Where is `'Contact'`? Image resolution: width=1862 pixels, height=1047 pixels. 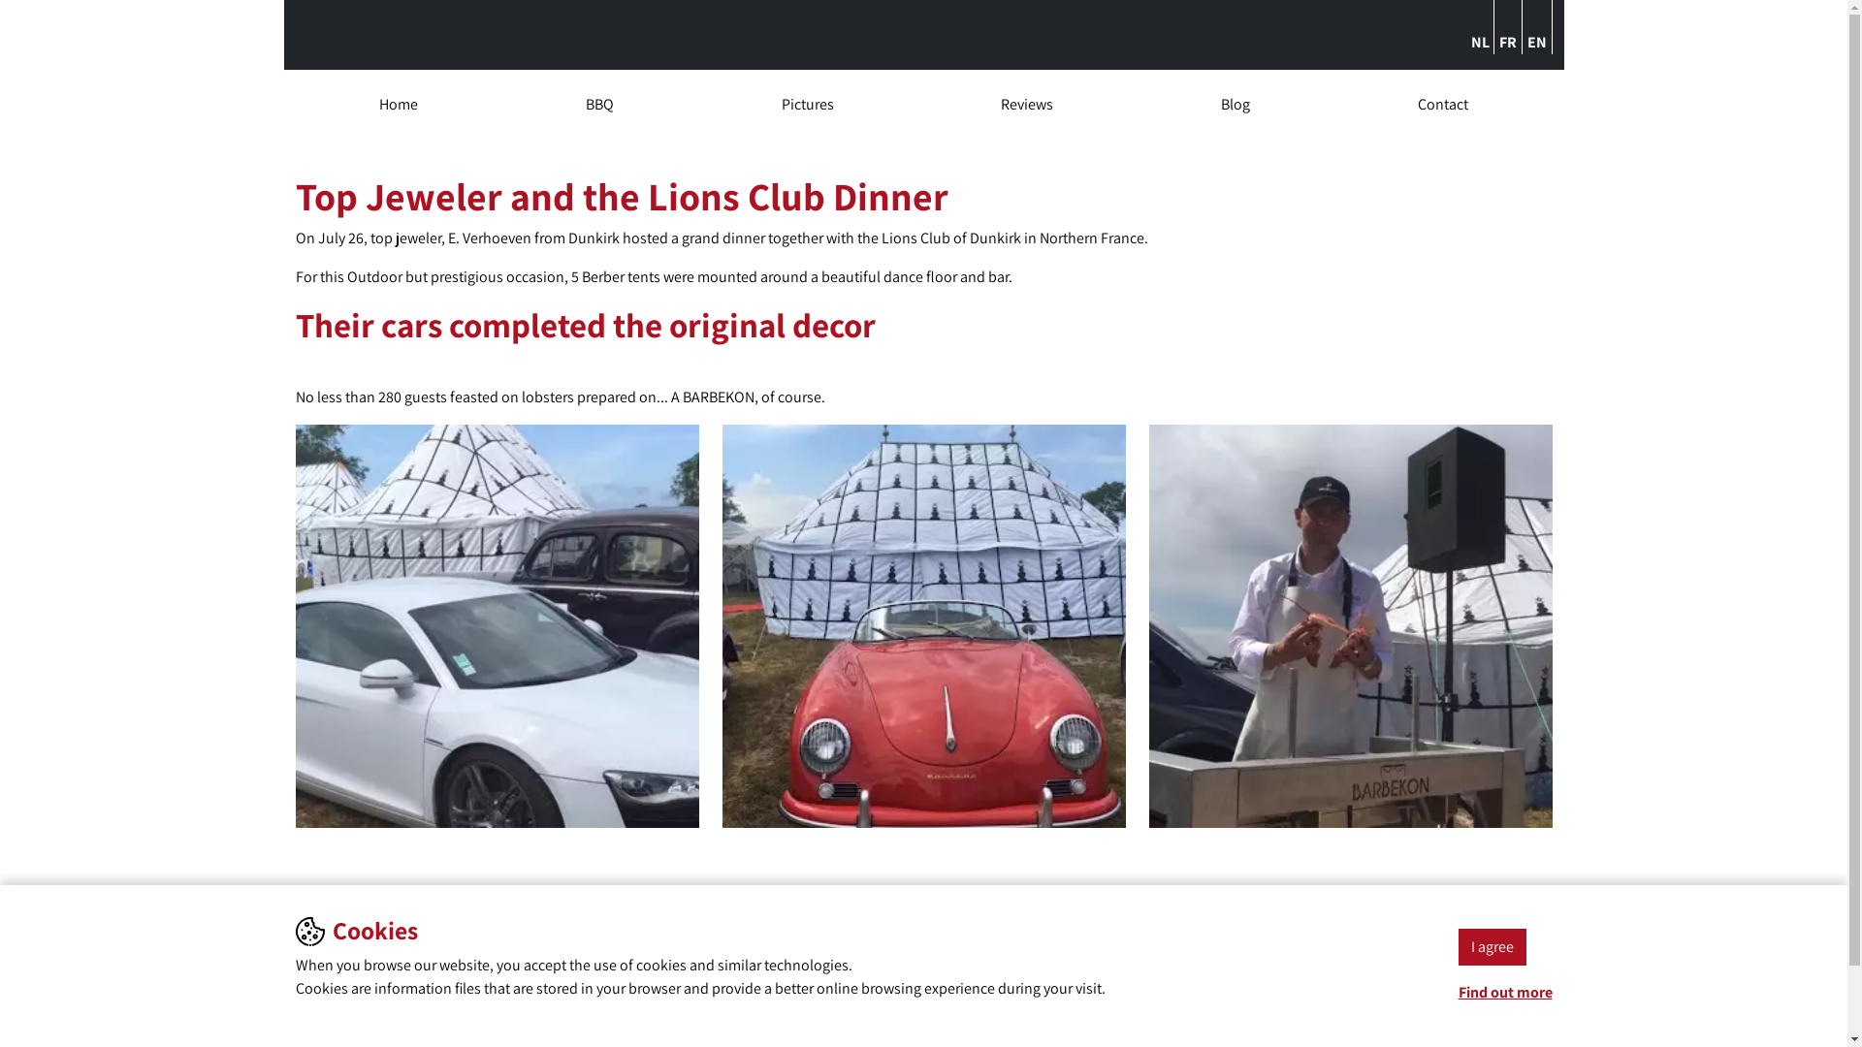 'Contact' is located at coordinates (1443, 104).